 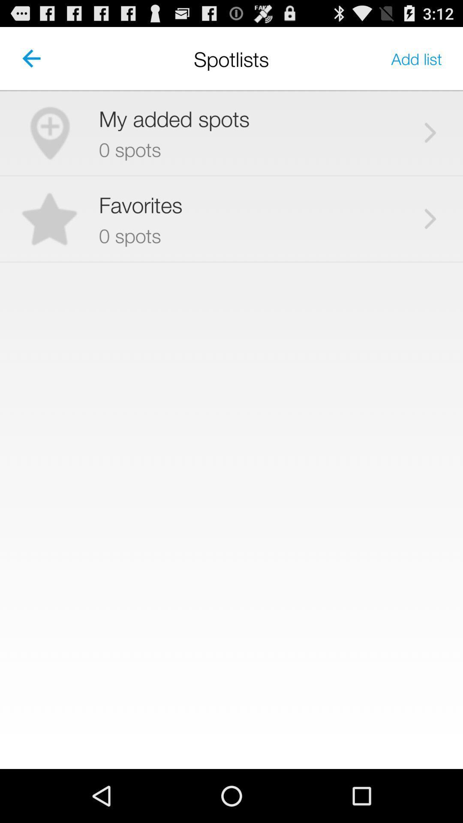 I want to click on the item next to spotlists icon, so click(x=416, y=58).